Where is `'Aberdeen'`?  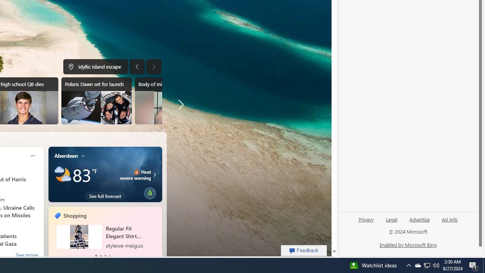 'Aberdeen' is located at coordinates (66, 155).